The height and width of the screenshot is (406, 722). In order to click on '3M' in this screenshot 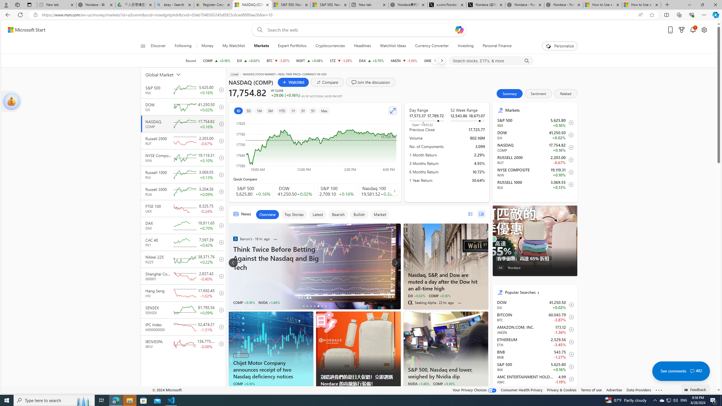, I will do `click(270, 111)`.